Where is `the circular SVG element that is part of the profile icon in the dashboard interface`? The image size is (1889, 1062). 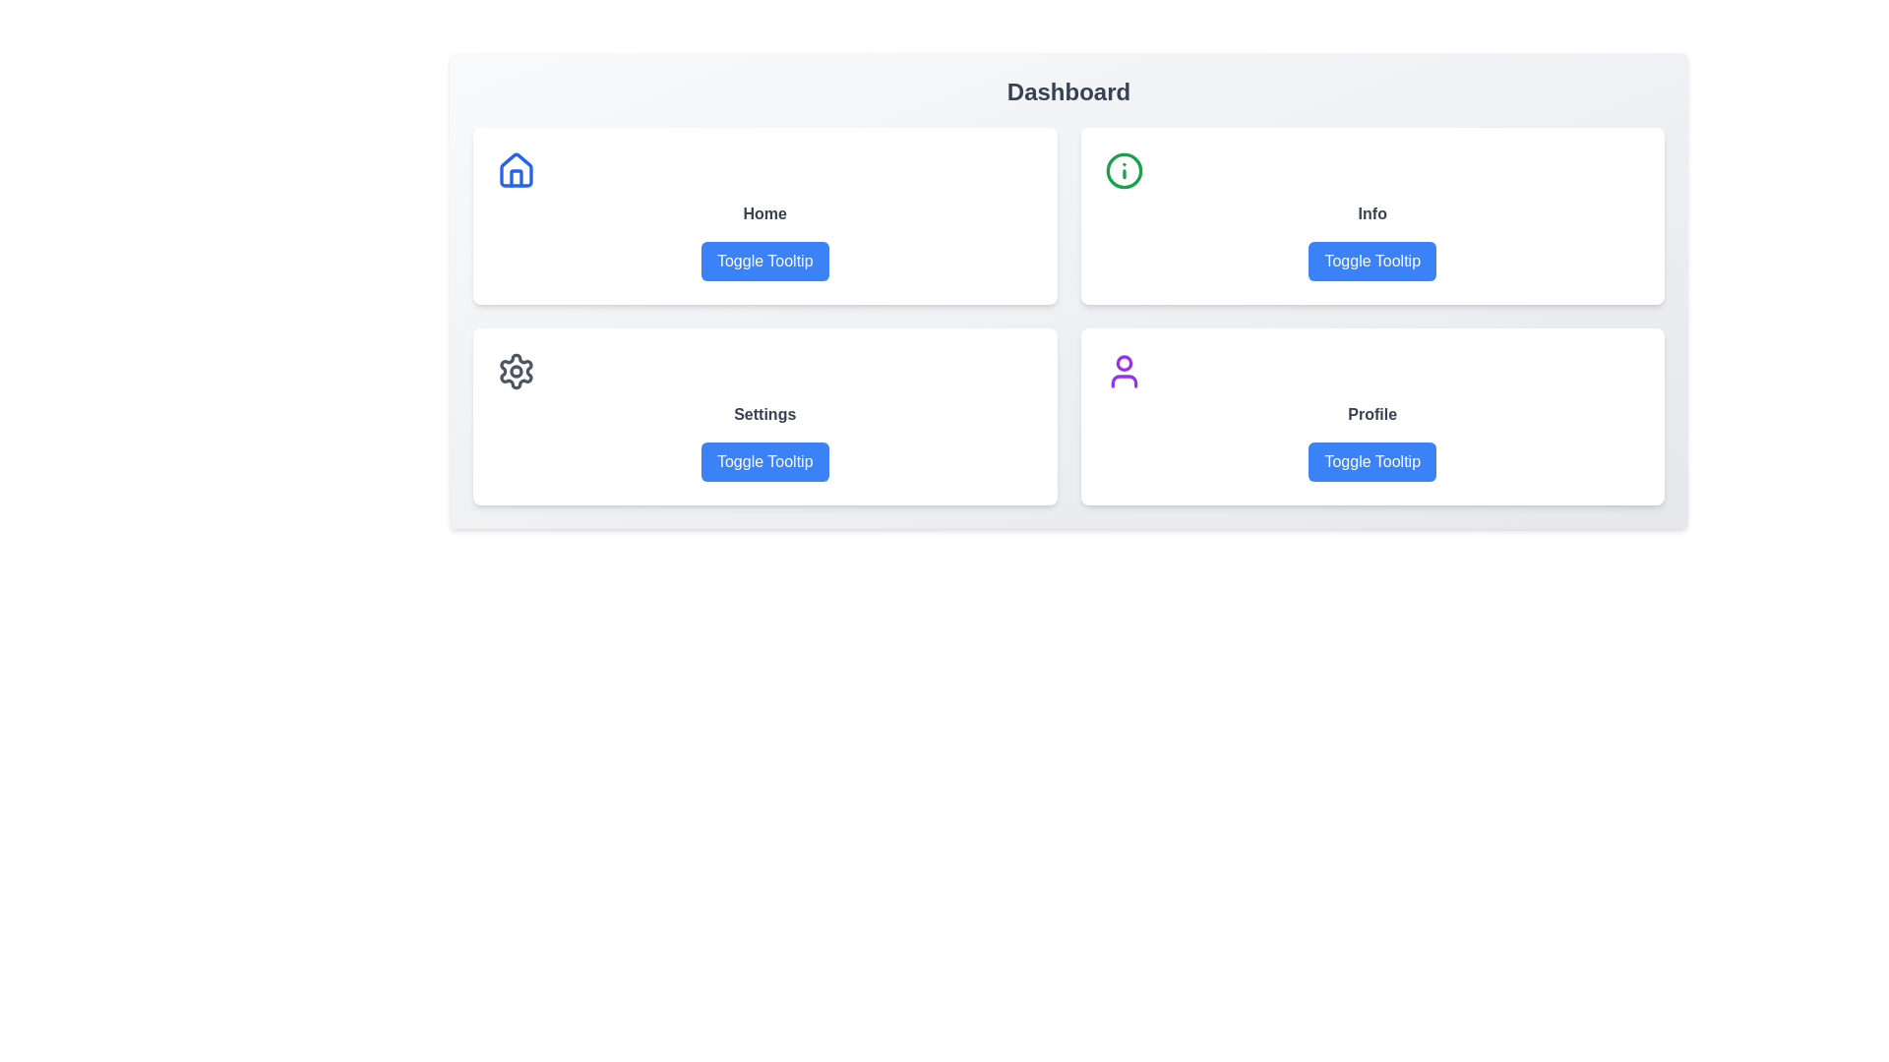
the circular SVG element that is part of the profile icon in the dashboard interface is located at coordinates (1124, 363).